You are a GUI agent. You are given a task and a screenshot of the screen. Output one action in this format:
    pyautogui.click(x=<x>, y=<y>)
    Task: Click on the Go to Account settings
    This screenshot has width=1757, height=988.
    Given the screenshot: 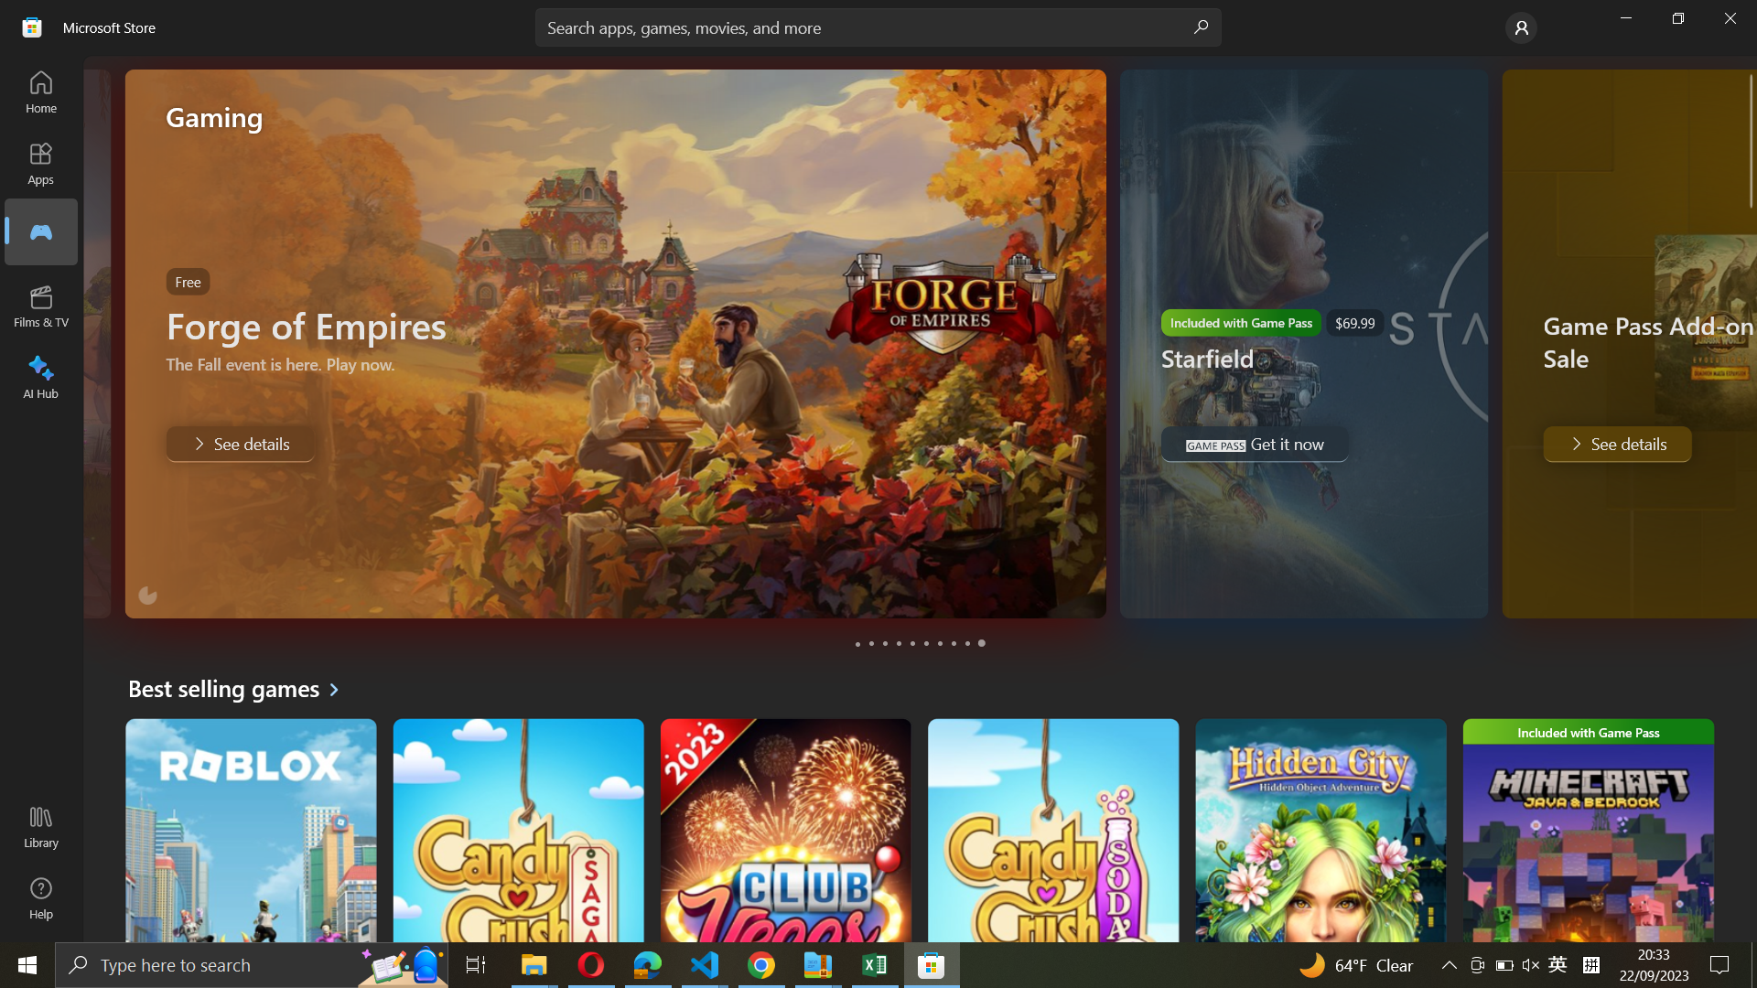 What is the action you would take?
    pyautogui.click(x=1519, y=27)
    